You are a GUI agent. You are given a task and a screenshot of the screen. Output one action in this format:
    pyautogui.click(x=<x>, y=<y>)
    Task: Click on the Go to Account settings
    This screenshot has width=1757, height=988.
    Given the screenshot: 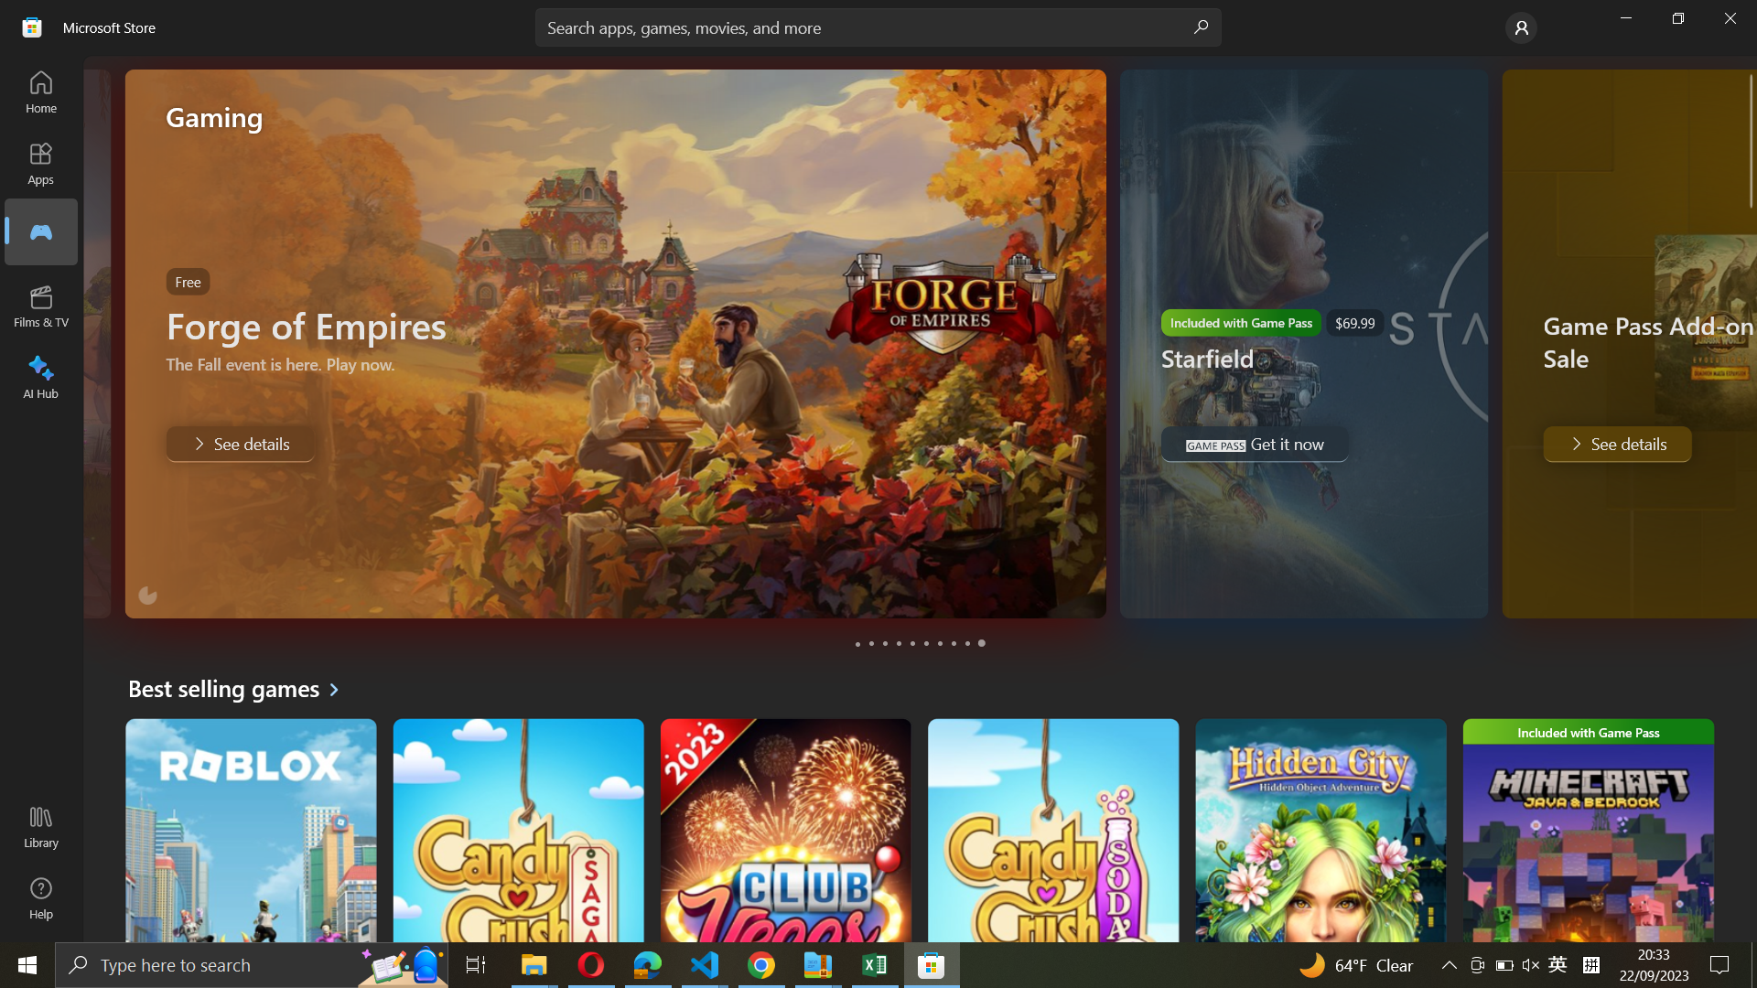 What is the action you would take?
    pyautogui.click(x=1519, y=27)
    